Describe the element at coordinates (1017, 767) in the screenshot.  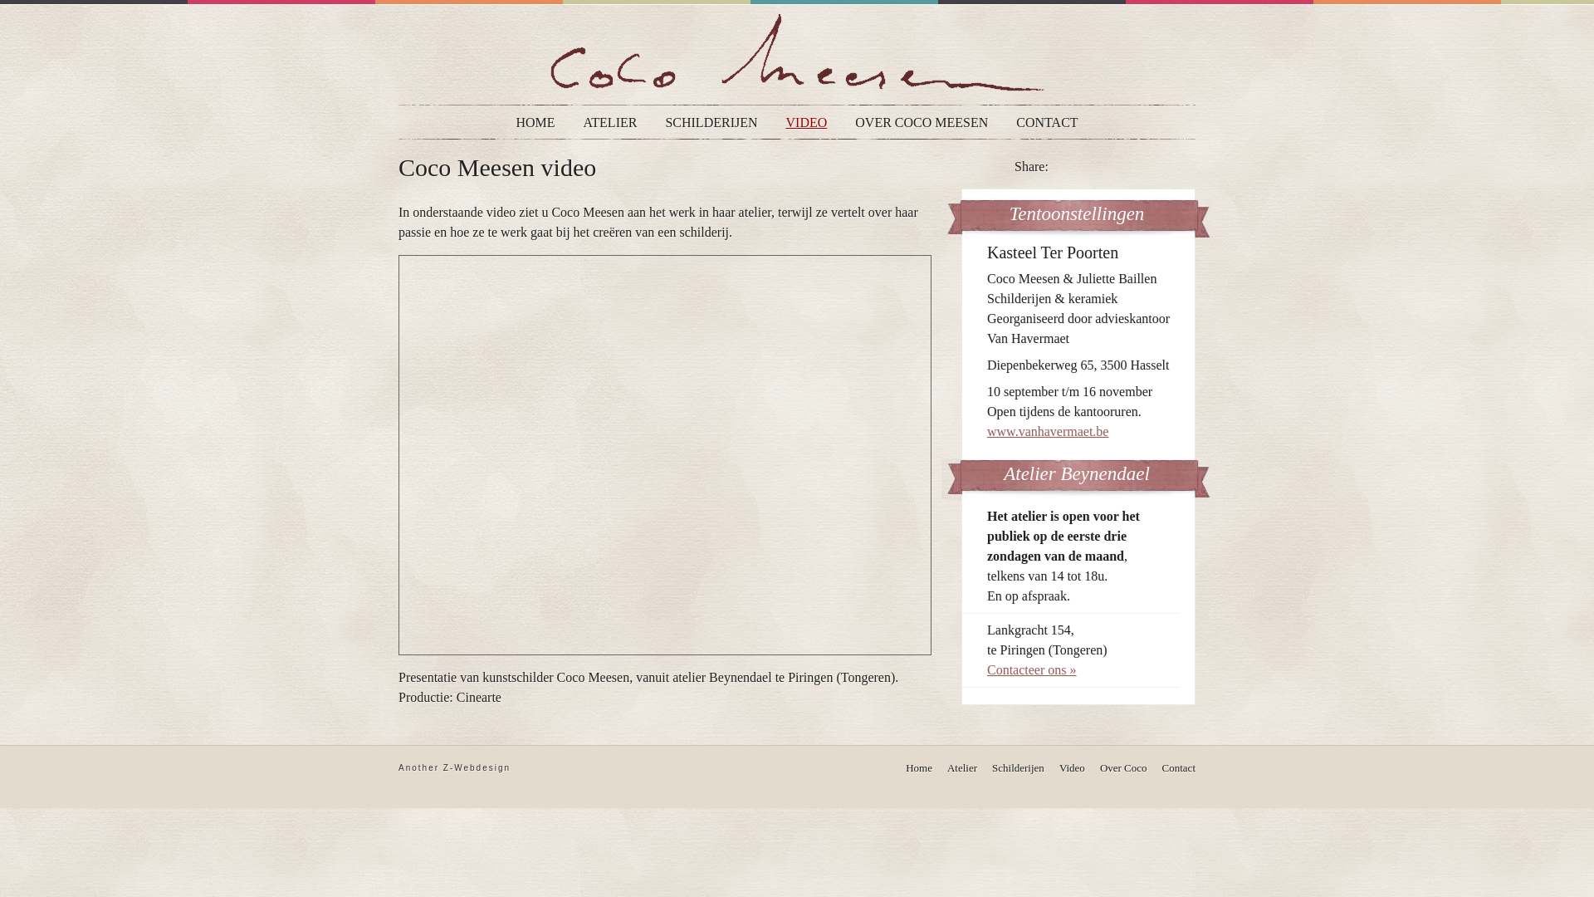
I see `'Schilderijen'` at that location.